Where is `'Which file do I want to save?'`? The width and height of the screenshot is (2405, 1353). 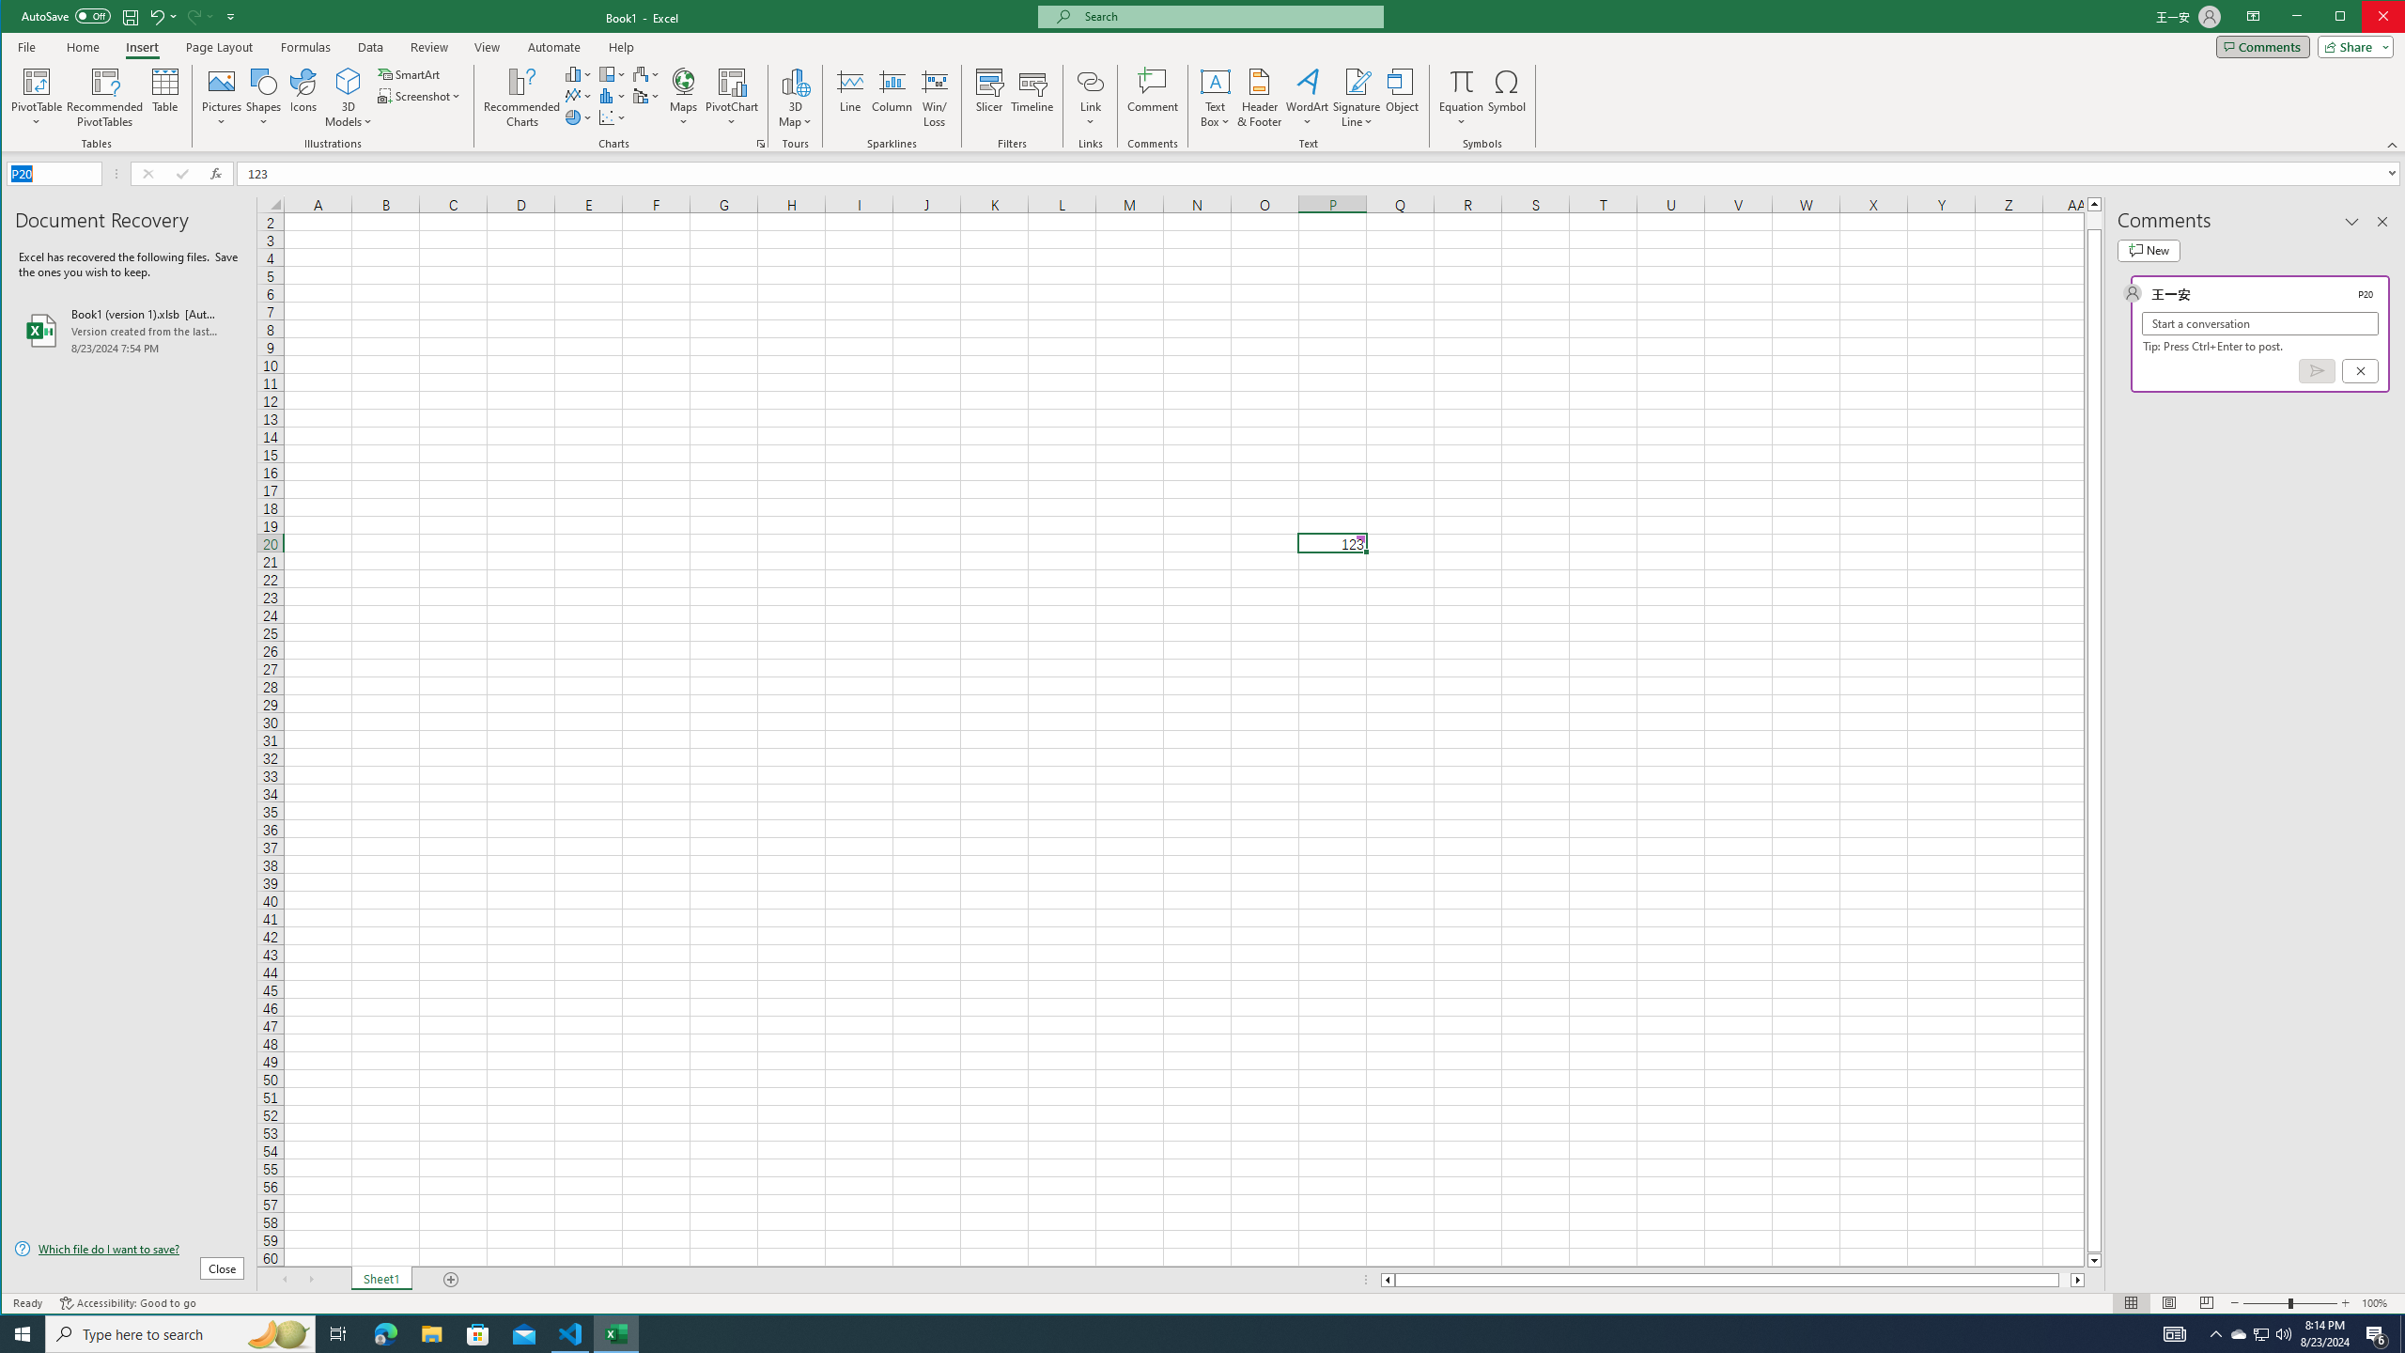 'Which file do I want to save?' is located at coordinates (130, 1248).